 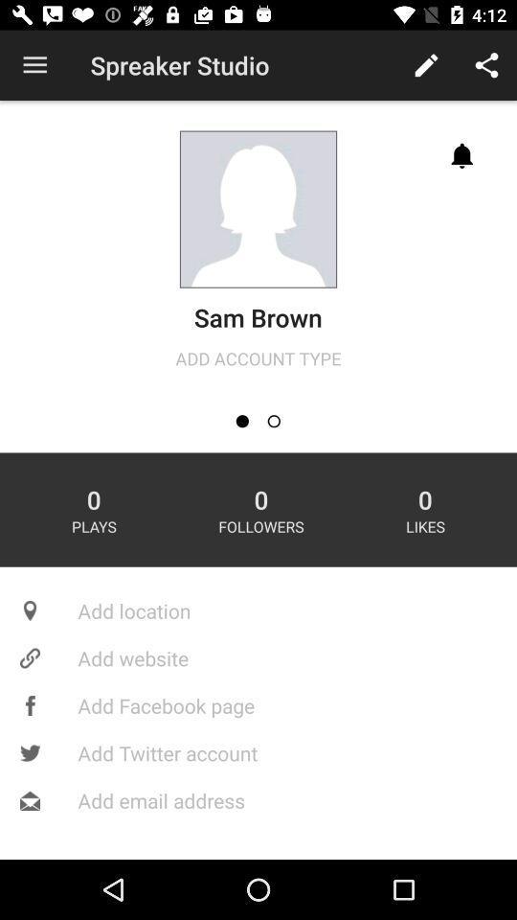 I want to click on item below add account type item, so click(x=242, y=421).